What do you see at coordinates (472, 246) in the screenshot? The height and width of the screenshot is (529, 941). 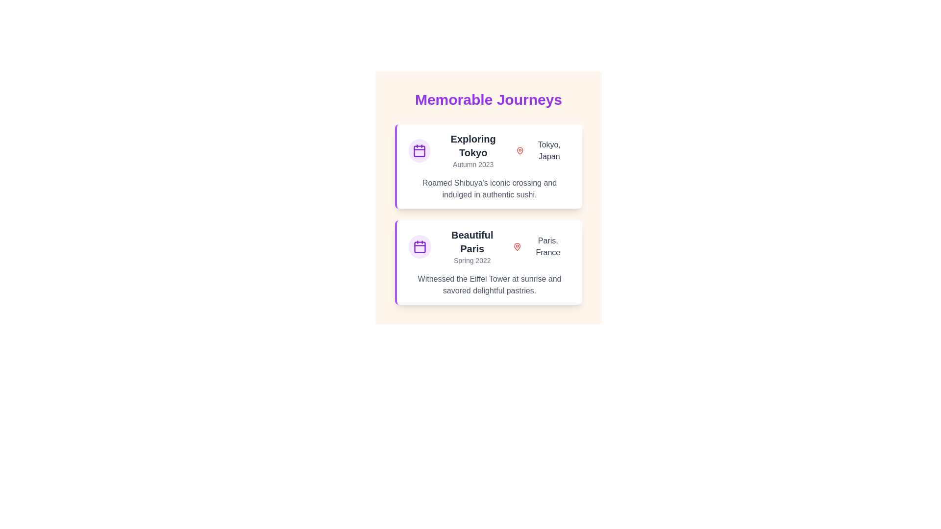 I see `the static text element displaying 'Beautiful Paris' and 'Spring 2022', located in the second card of the list under 'Memorable Journeys'` at bounding box center [472, 246].